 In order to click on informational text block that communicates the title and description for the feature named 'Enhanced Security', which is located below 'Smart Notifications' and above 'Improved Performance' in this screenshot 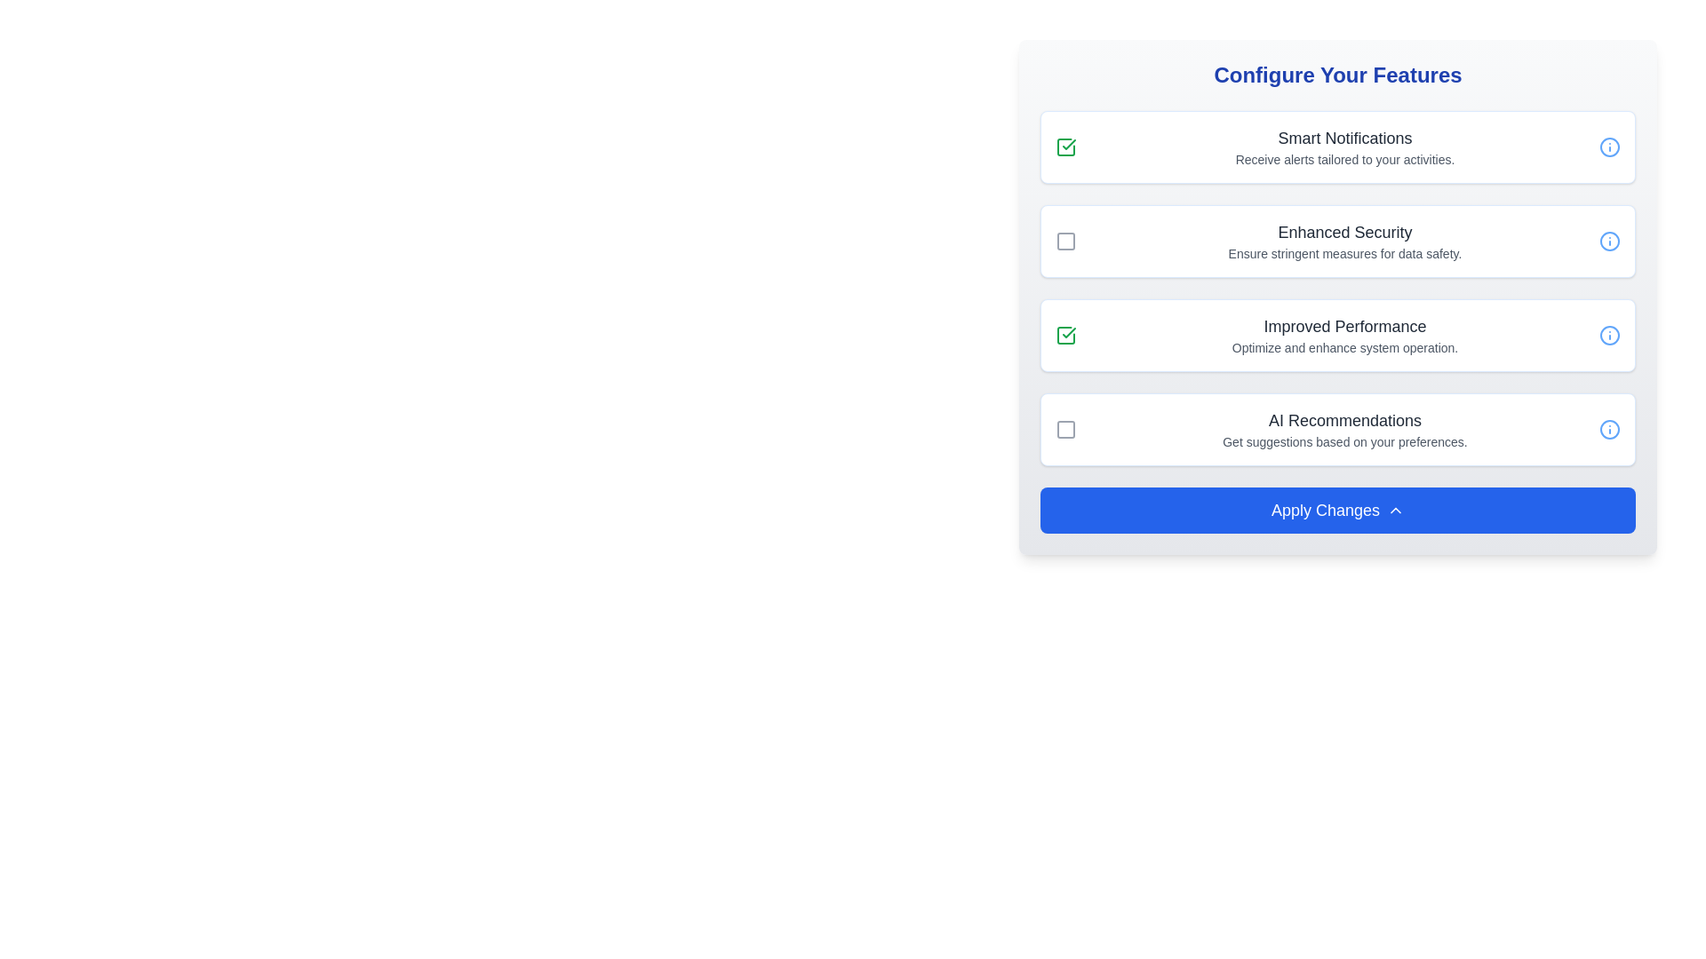, I will do `click(1344, 242)`.